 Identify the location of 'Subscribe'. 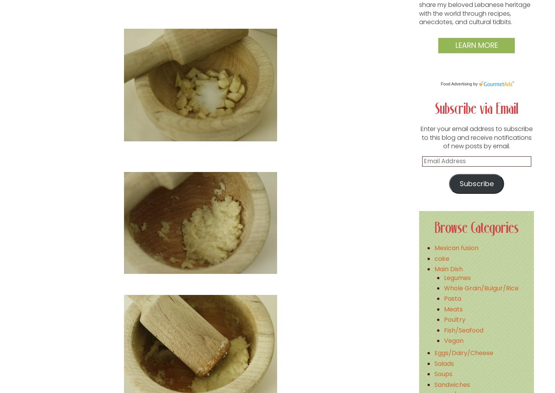
(476, 183).